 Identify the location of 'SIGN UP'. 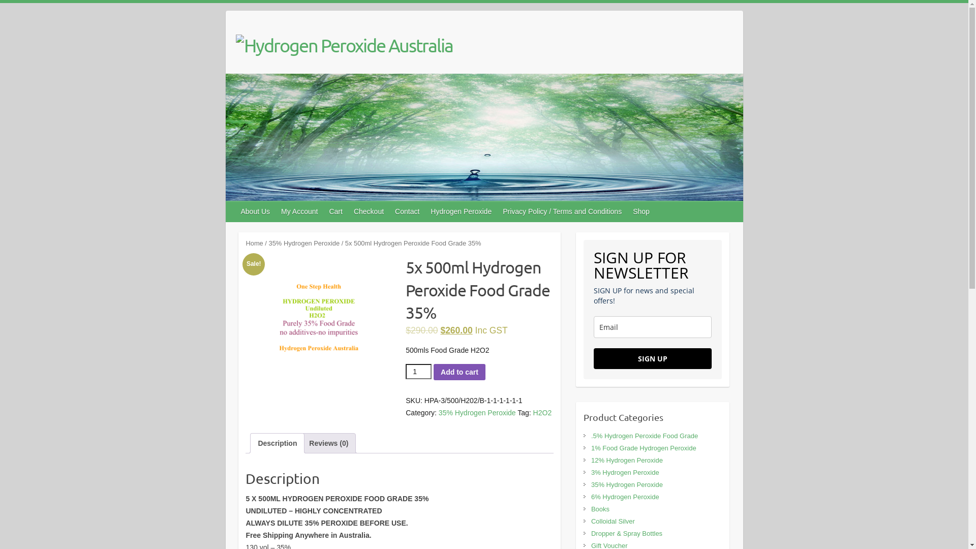
(653, 358).